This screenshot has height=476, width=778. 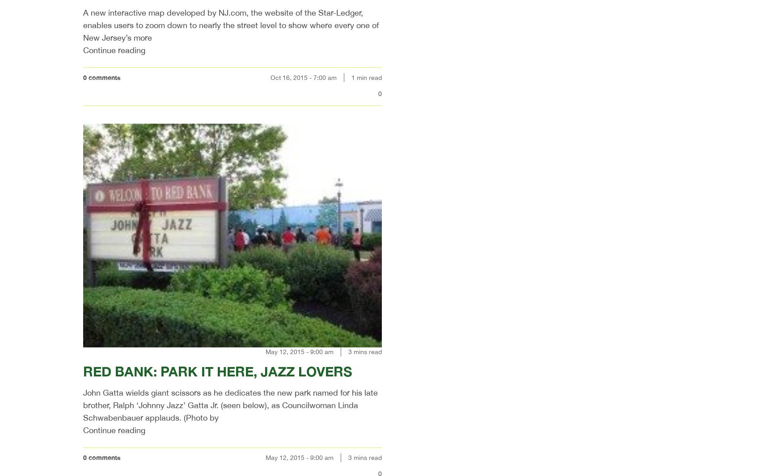 What do you see at coordinates (270, 77) in the screenshot?
I see `'Oct 16, 2015 - 7:00 am'` at bounding box center [270, 77].